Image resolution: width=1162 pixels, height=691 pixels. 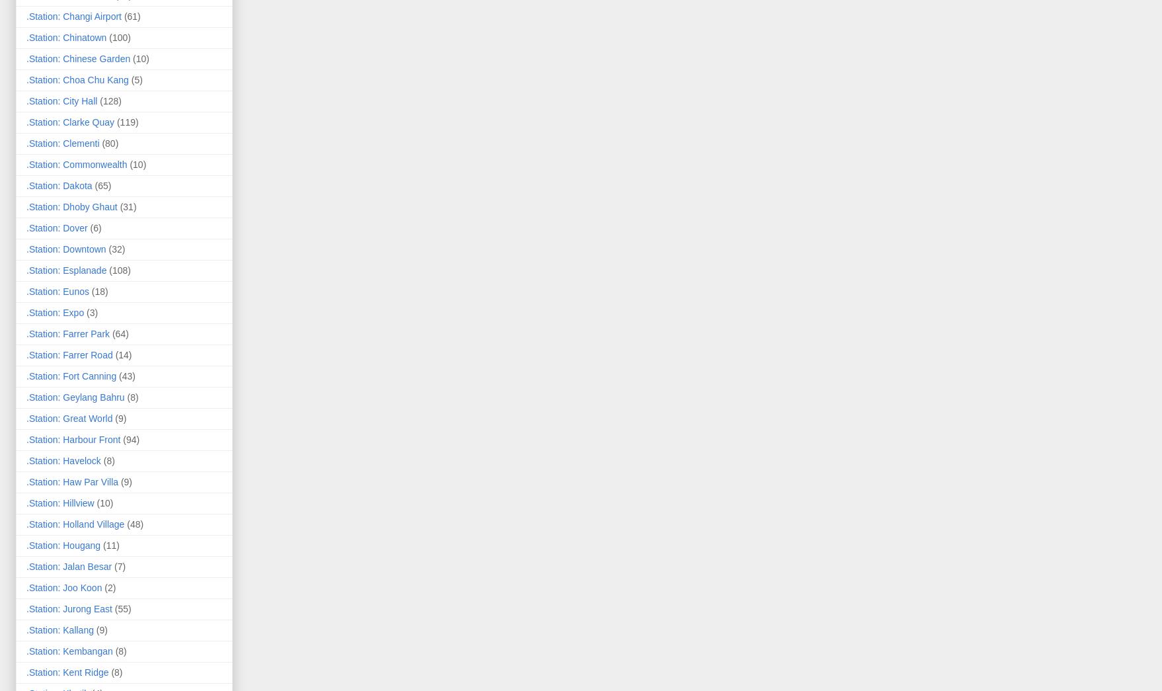 What do you see at coordinates (66, 269) in the screenshot?
I see `'.Station: Esplanade'` at bounding box center [66, 269].